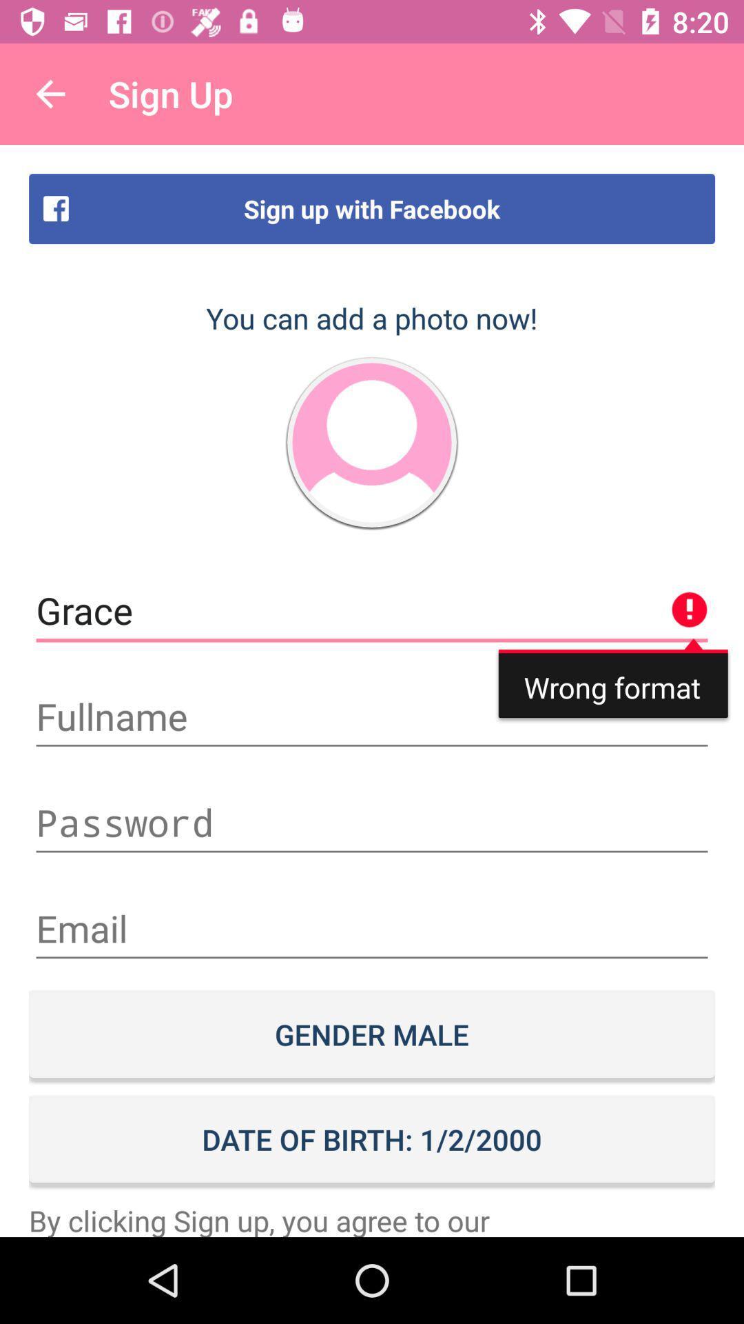 The width and height of the screenshot is (744, 1324). I want to click on pass, so click(372, 823).